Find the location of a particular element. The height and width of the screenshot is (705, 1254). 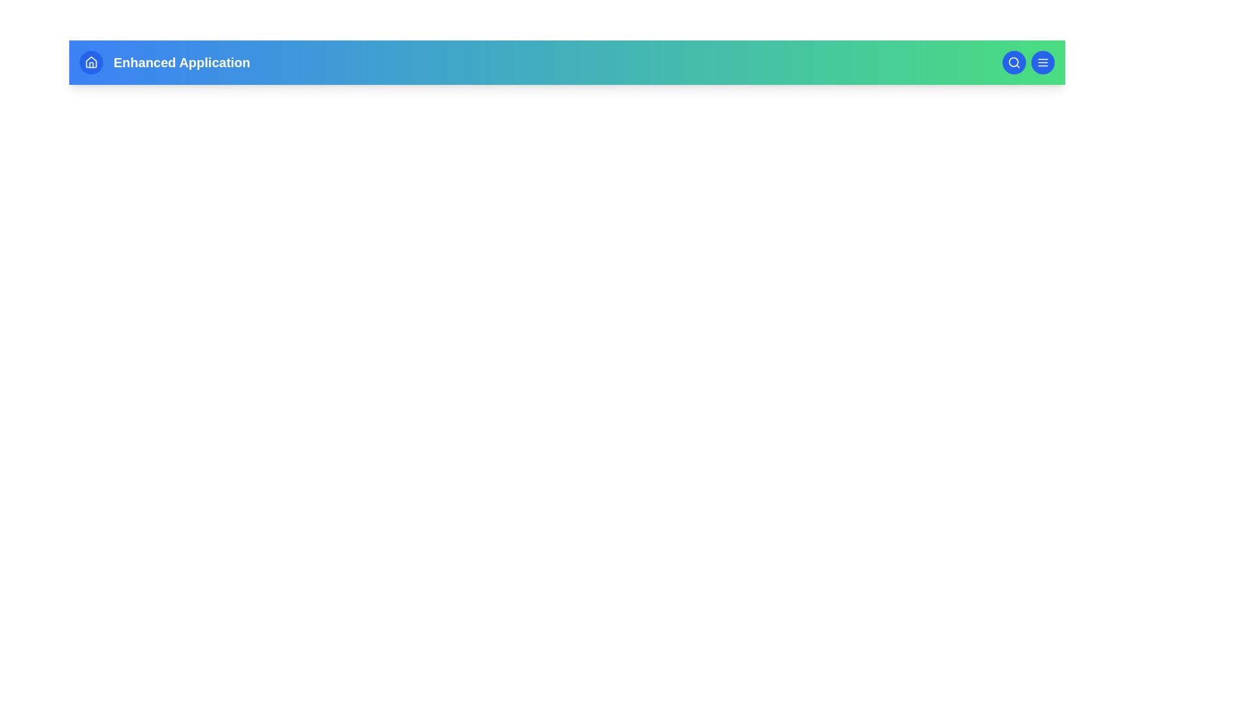

the circular search icon button located in the top-right corner of the application interface is located at coordinates (1014, 63).